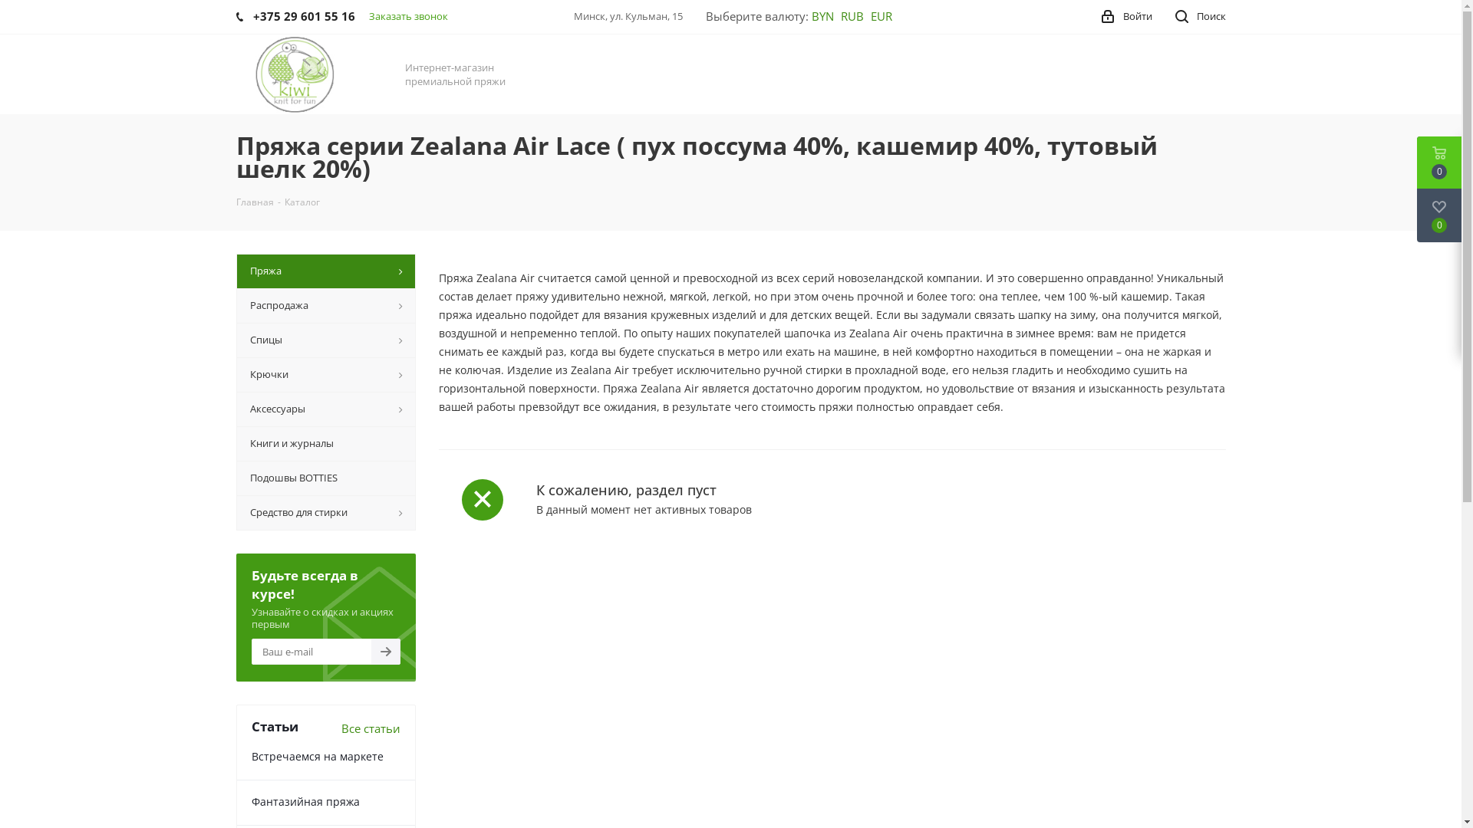 This screenshot has width=1473, height=828. What do you see at coordinates (880, 15) in the screenshot?
I see `'EUR'` at bounding box center [880, 15].